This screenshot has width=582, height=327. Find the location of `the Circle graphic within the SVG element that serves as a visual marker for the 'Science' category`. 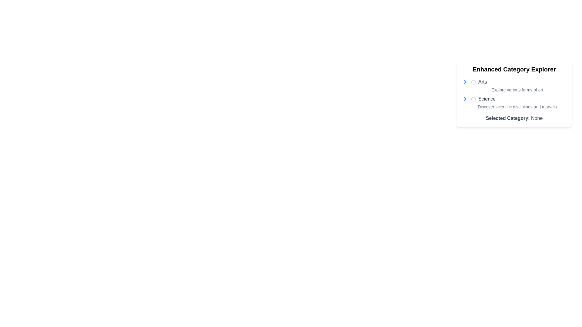

the Circle graphic within the SVG element that serves as a visual marker for the 'Science' category is located at coordinates (473, 99).